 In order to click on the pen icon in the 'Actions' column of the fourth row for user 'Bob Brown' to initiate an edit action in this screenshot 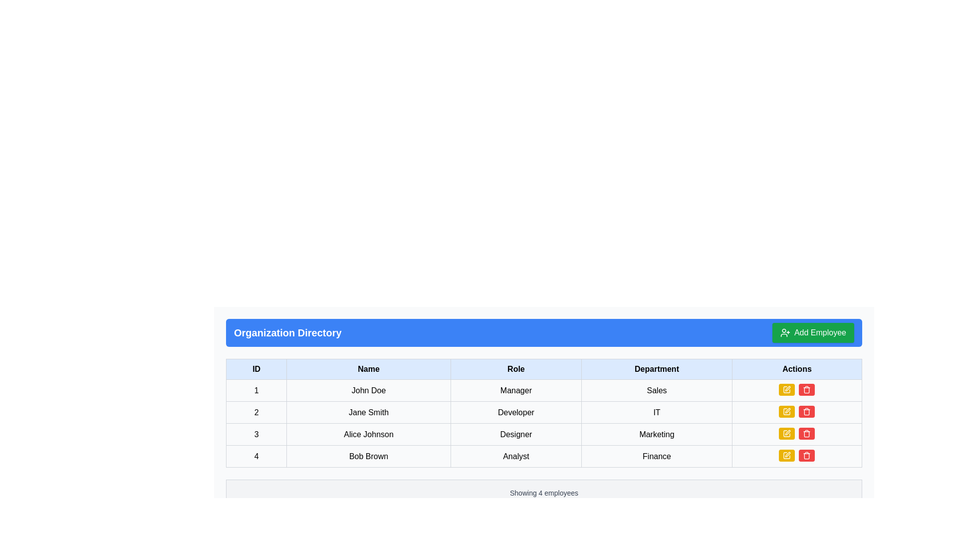, I will do `click(786, 456)`.